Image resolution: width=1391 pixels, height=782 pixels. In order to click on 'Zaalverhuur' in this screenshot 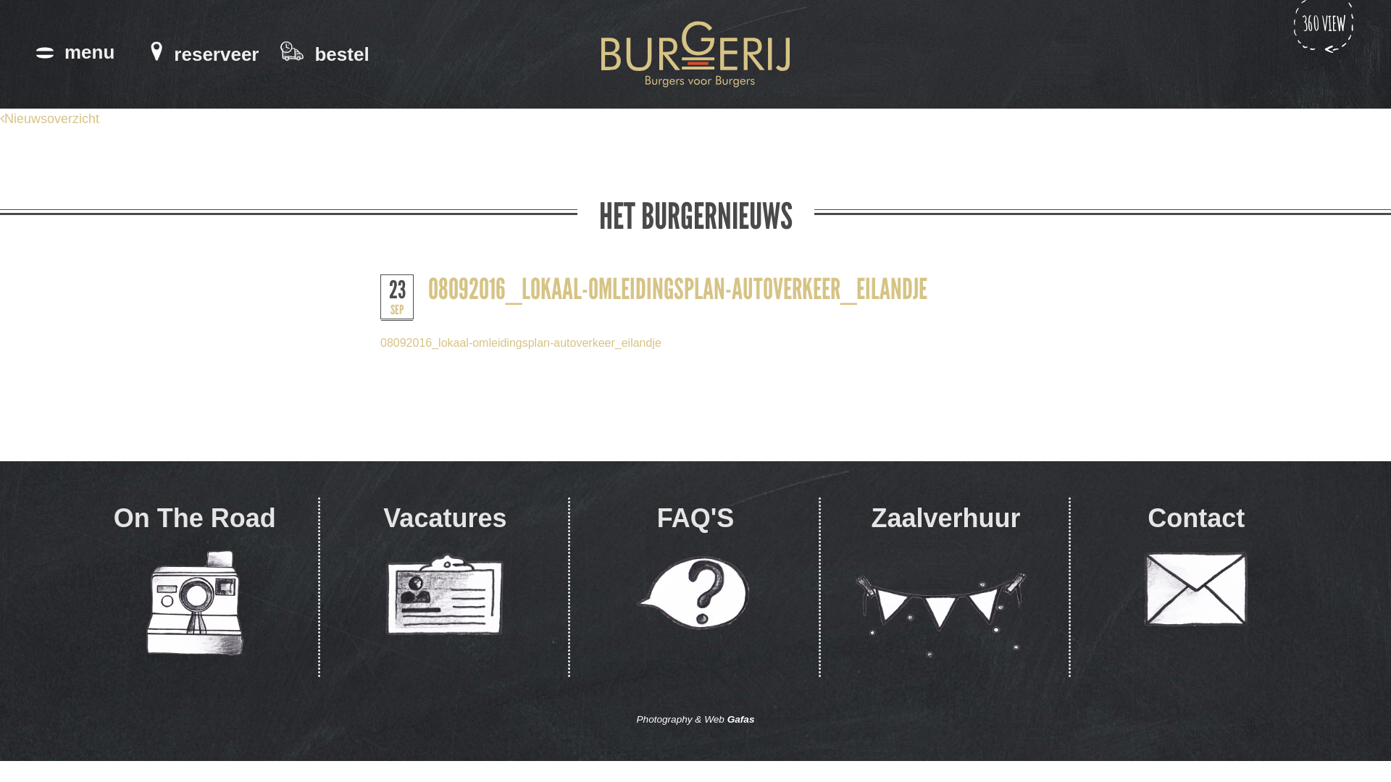, I will do `click(945, 588)`.